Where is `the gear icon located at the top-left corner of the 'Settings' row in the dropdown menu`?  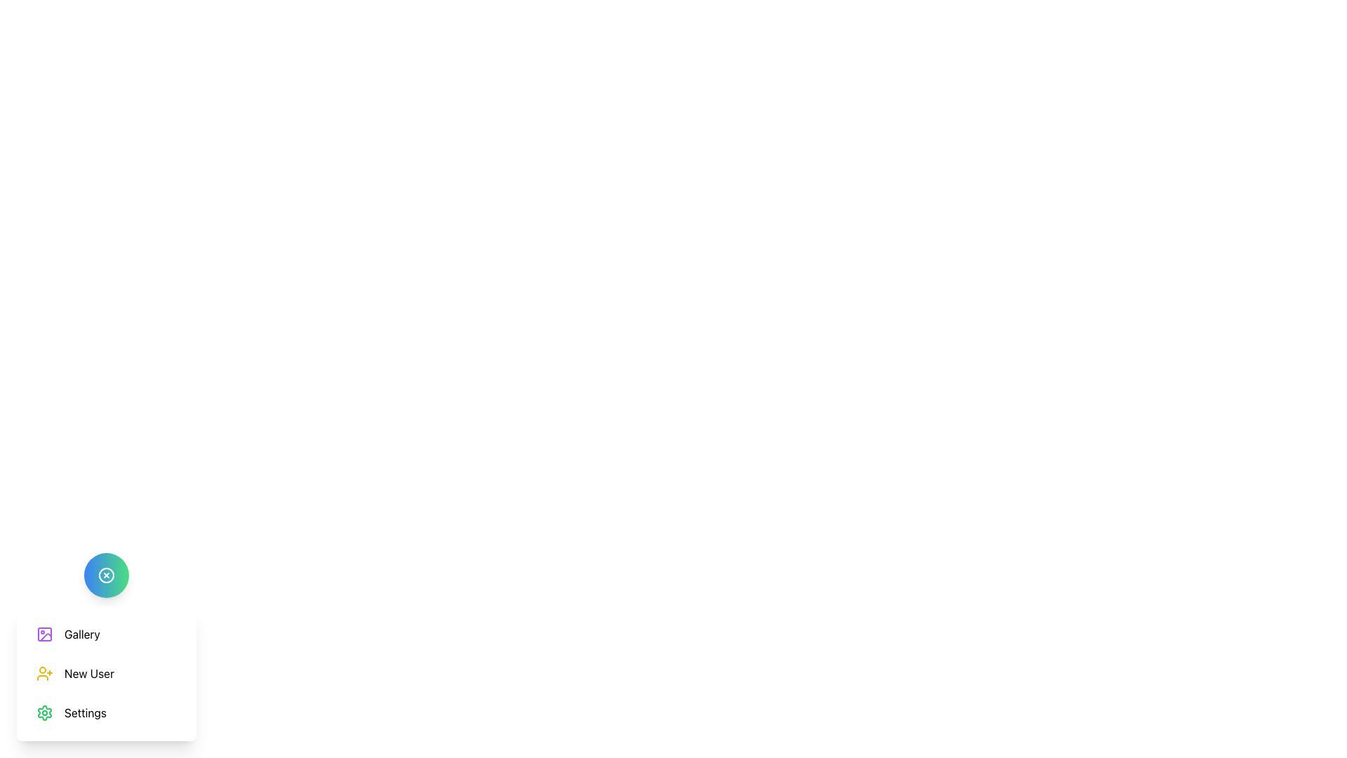 the gear icon located at the top-left corner of the 'Settings' row in the dropdown menu is located at coordinates (44, 712).